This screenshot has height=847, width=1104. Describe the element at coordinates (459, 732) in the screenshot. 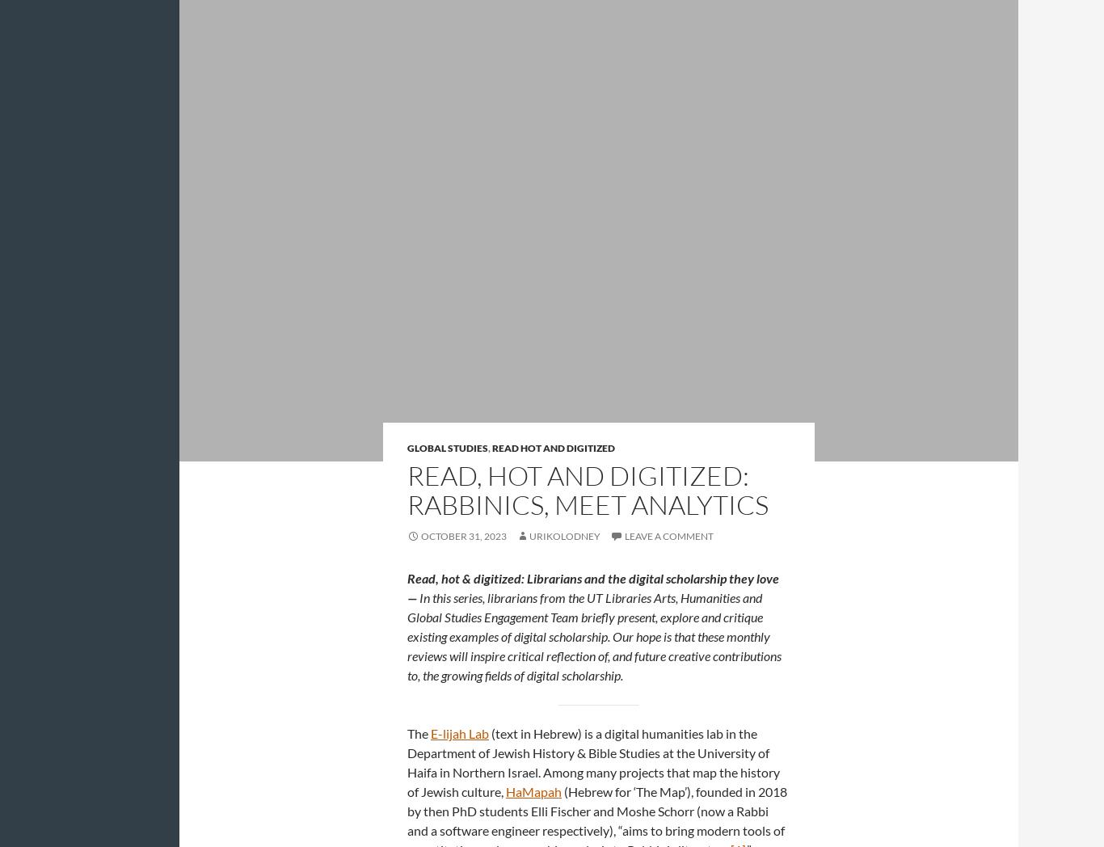

I see `'E-lijah Lab'` at that location.